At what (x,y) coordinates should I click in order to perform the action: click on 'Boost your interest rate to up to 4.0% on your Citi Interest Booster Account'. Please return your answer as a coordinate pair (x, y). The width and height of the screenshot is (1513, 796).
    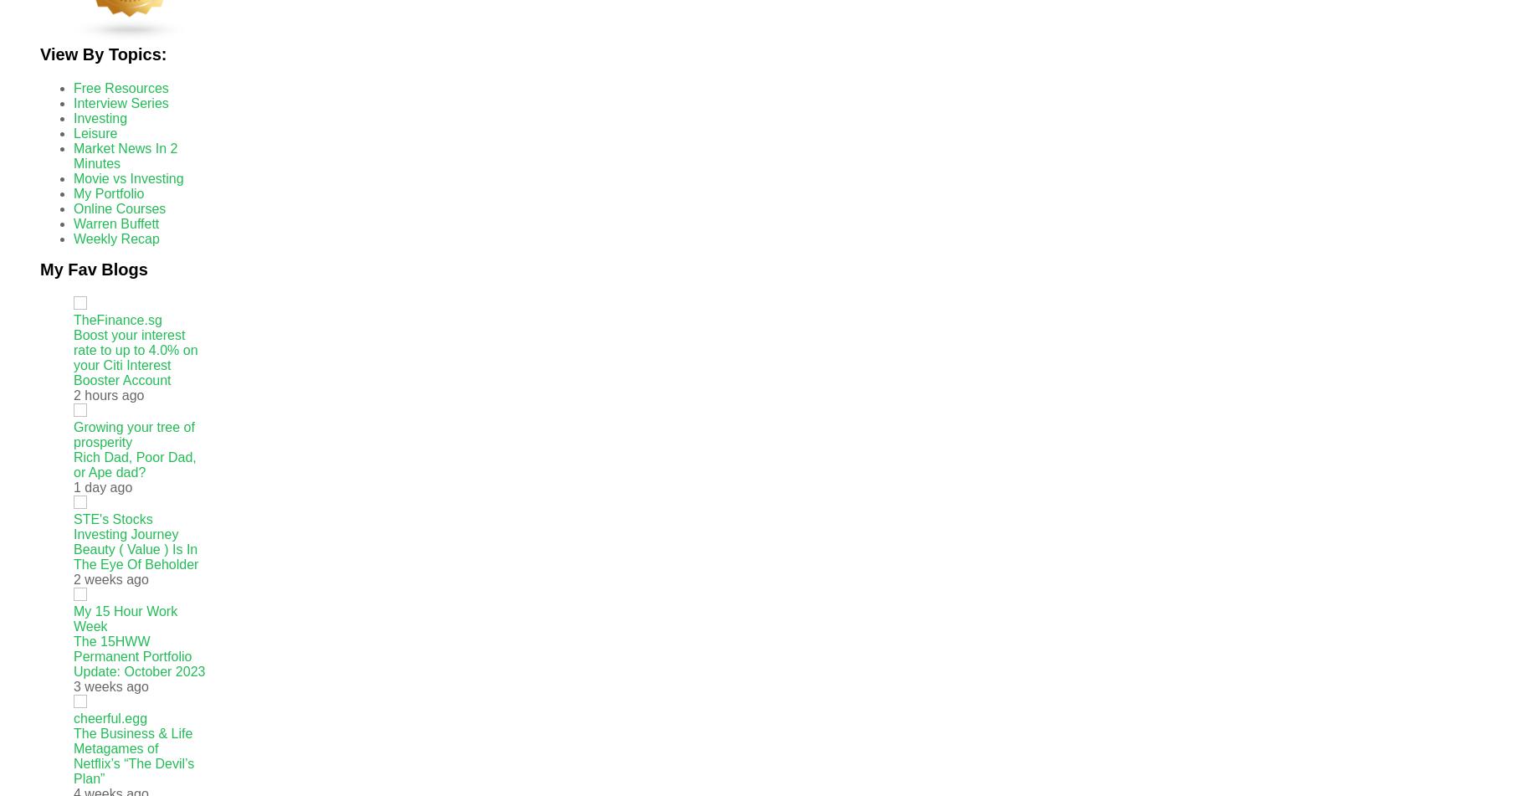
    Looking at the image, I should click on (135, 357).